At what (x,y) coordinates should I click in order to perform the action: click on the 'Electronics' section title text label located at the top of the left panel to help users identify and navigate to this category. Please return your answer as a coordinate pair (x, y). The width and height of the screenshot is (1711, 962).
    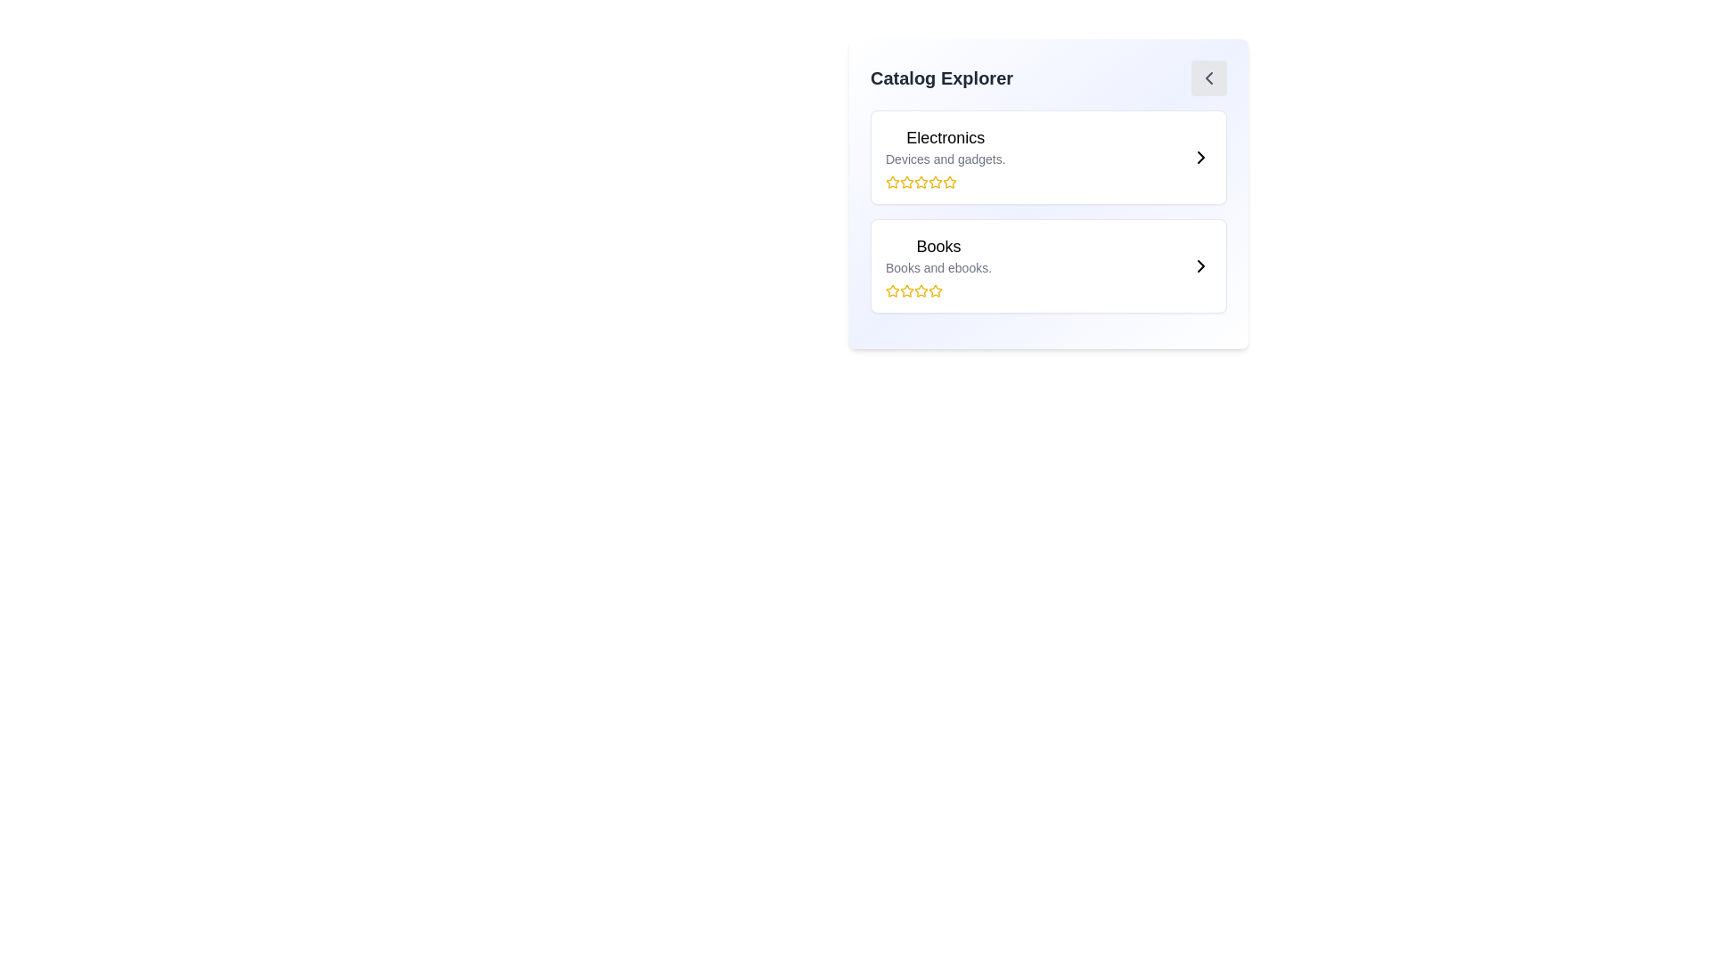
    Looking at the image, I should click on (945, 136).